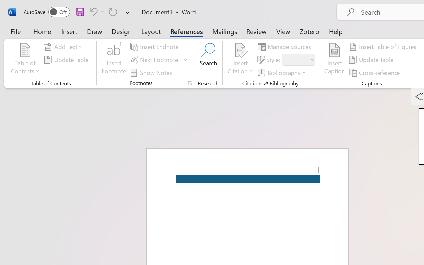  I want to click on 'Insert Footnote', so click(114, 59).